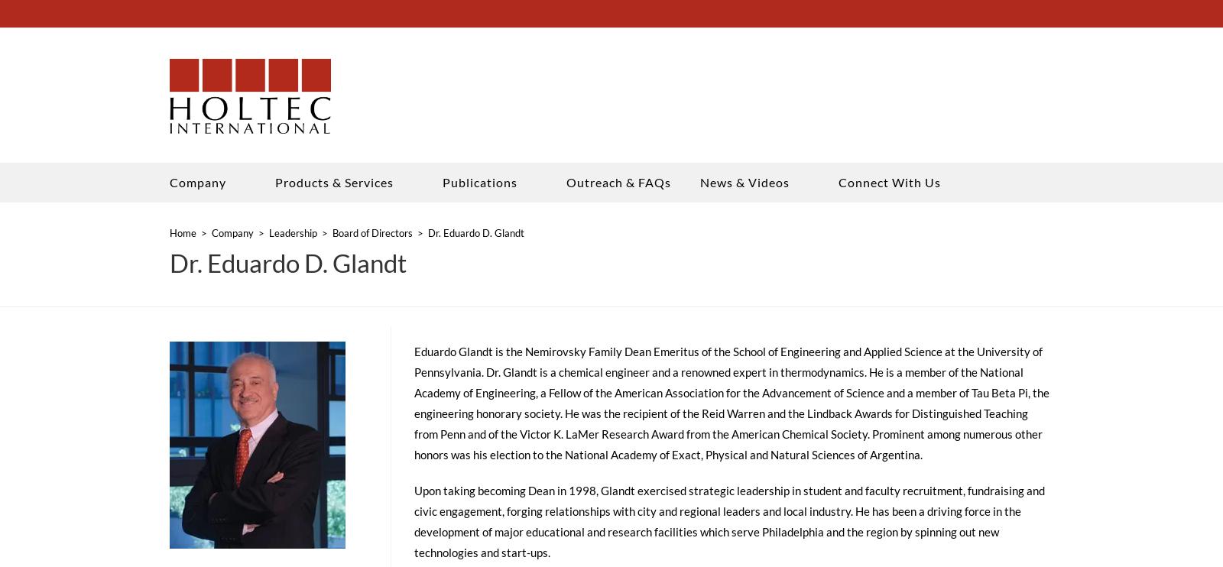 The image size is (1223, 567). I want to click on 'Board of Directors', so click(371, 237).